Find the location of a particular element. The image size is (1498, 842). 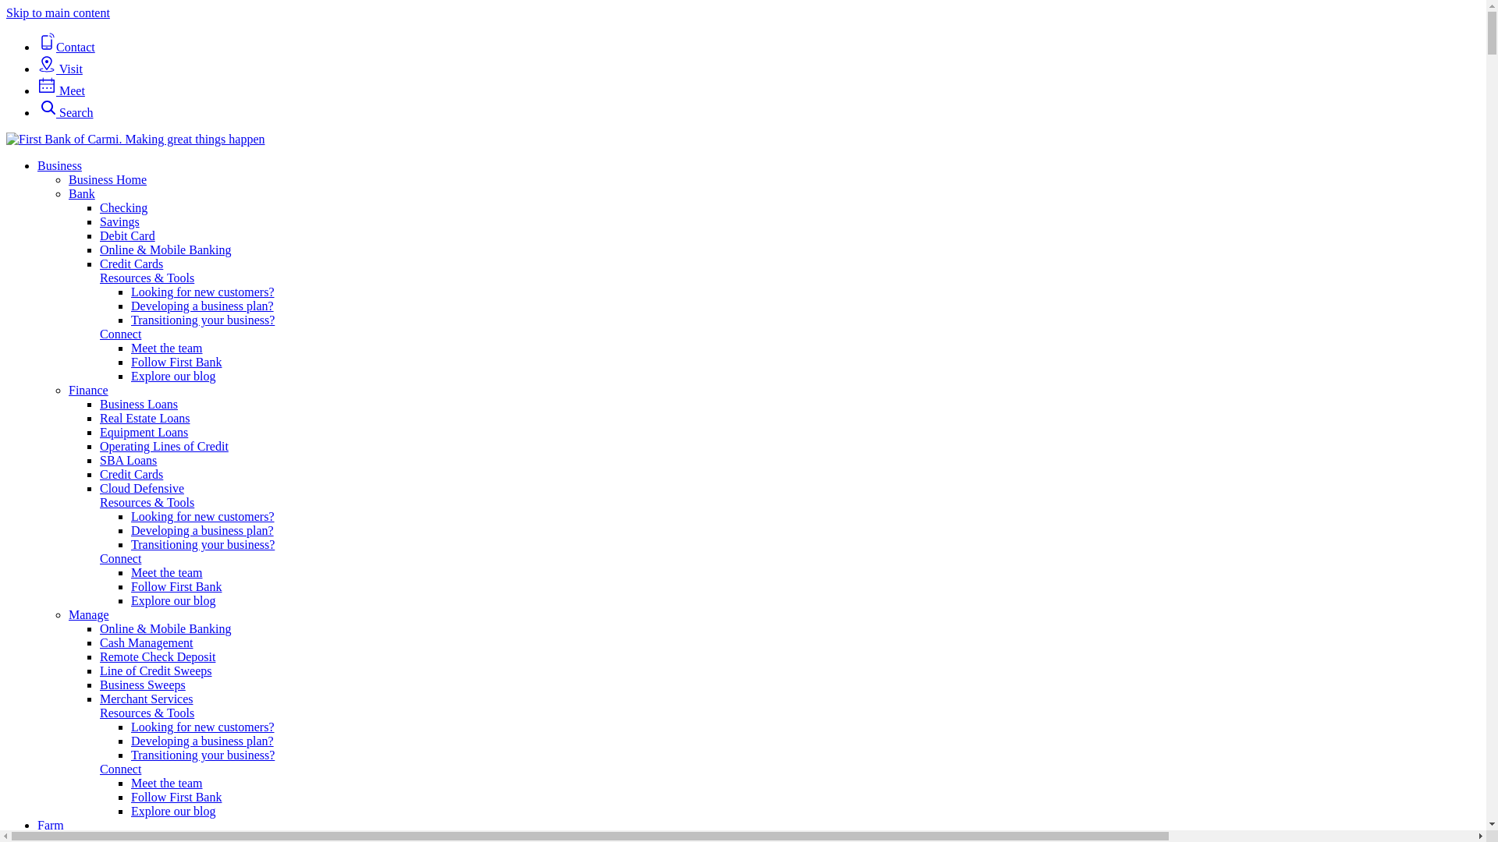

'Connect' is located at coordinates (119, 557).